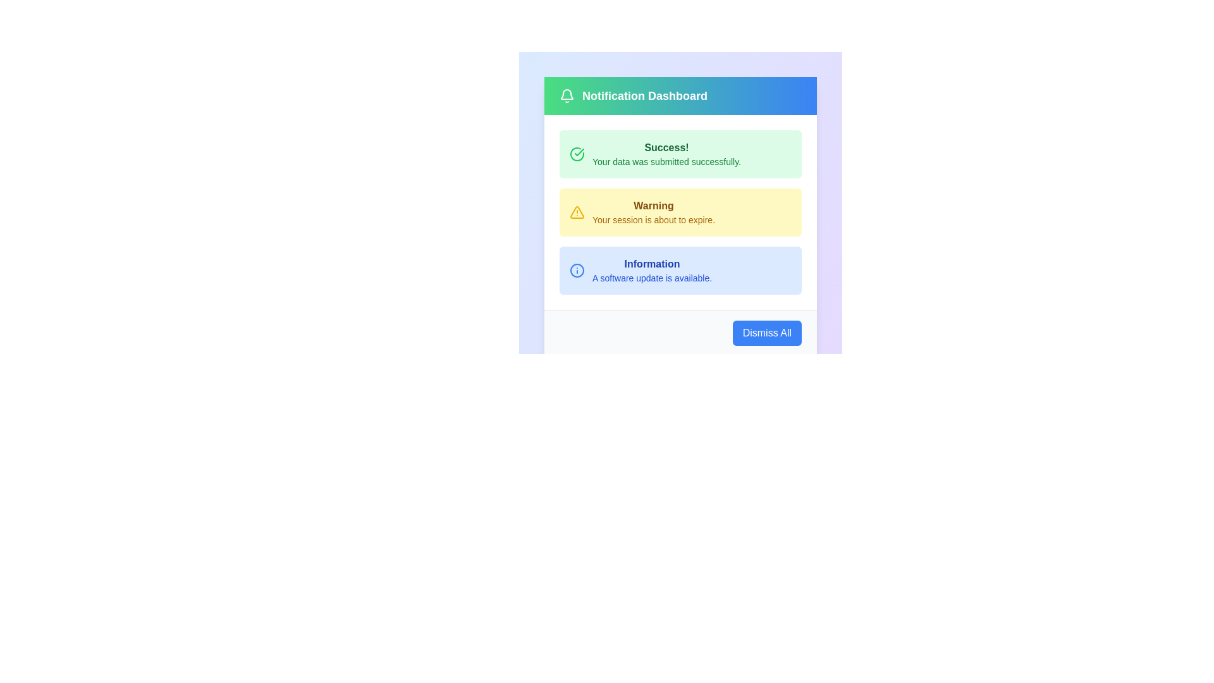 The width and height of the screenshot is (1214, 683). What do you see at coordinates (654, 219) in the screenshot?
I see `static text label that displays 'Your session is about to expire.' located below the 'Warning' heading in the yellow notification box` at bounding box center [654, 219].